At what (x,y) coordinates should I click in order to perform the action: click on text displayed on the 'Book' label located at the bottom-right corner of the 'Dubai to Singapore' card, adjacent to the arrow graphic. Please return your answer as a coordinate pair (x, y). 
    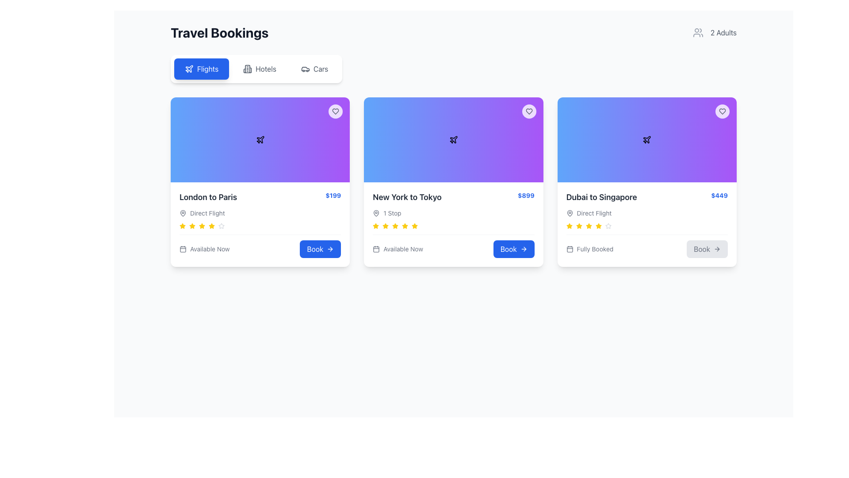
    Looking at the image, I should click on (701, 249).